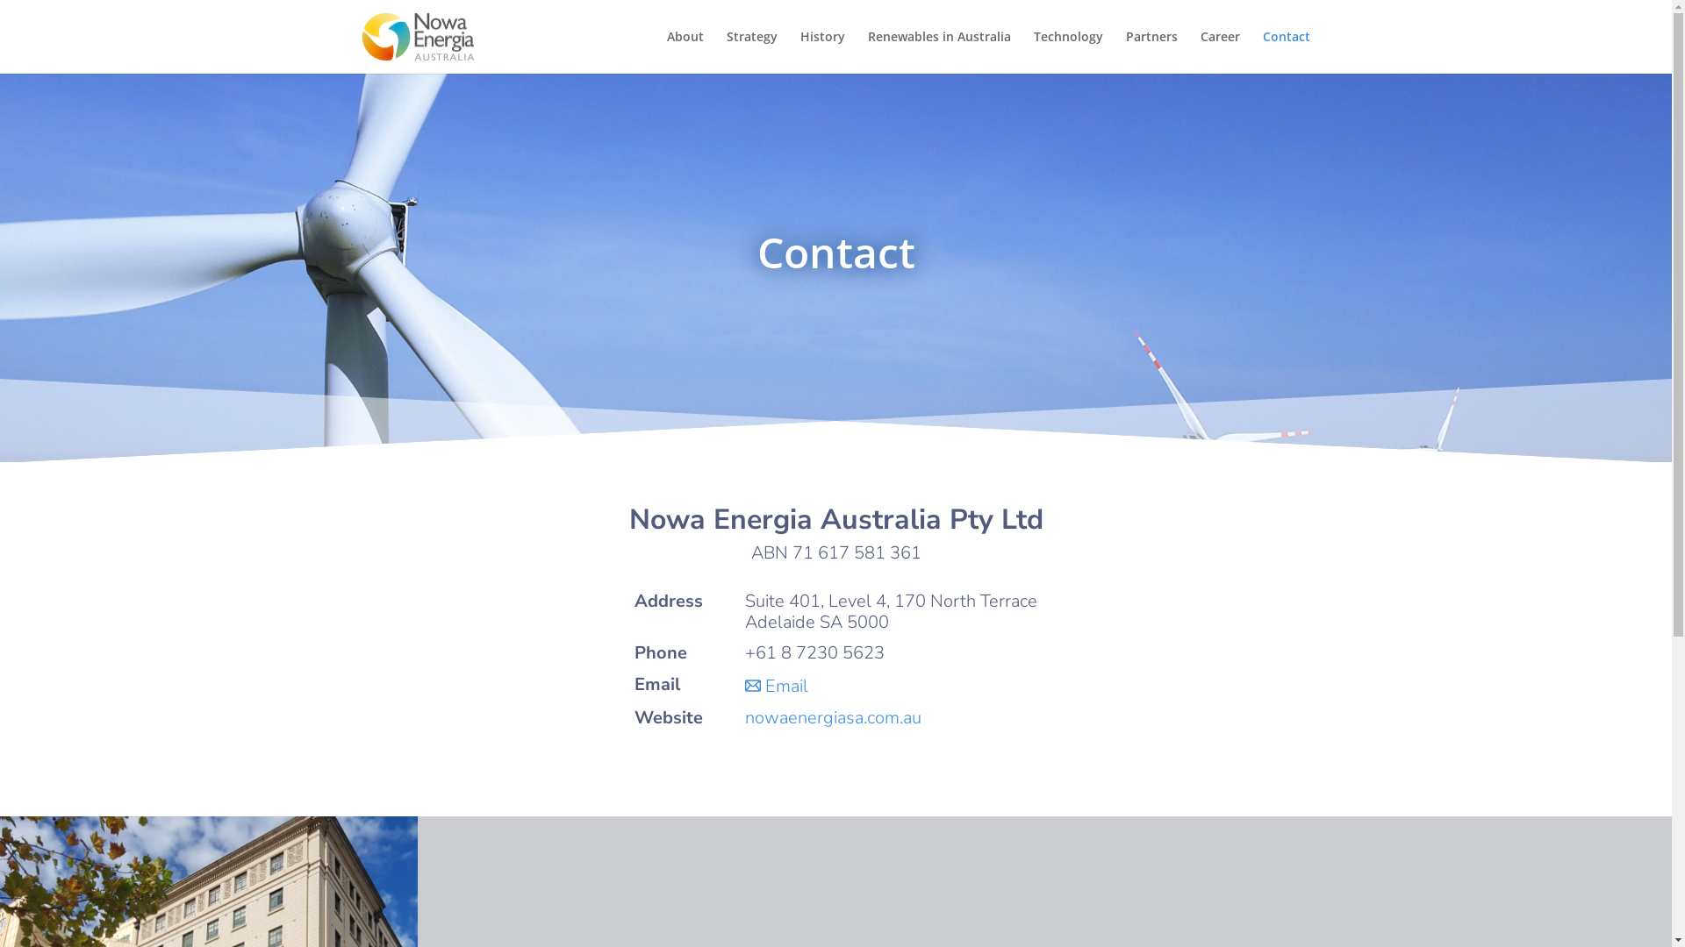 The width and height of the screenshot is (1685, 947). I want to click on 'Technology', so click(1067, 51).